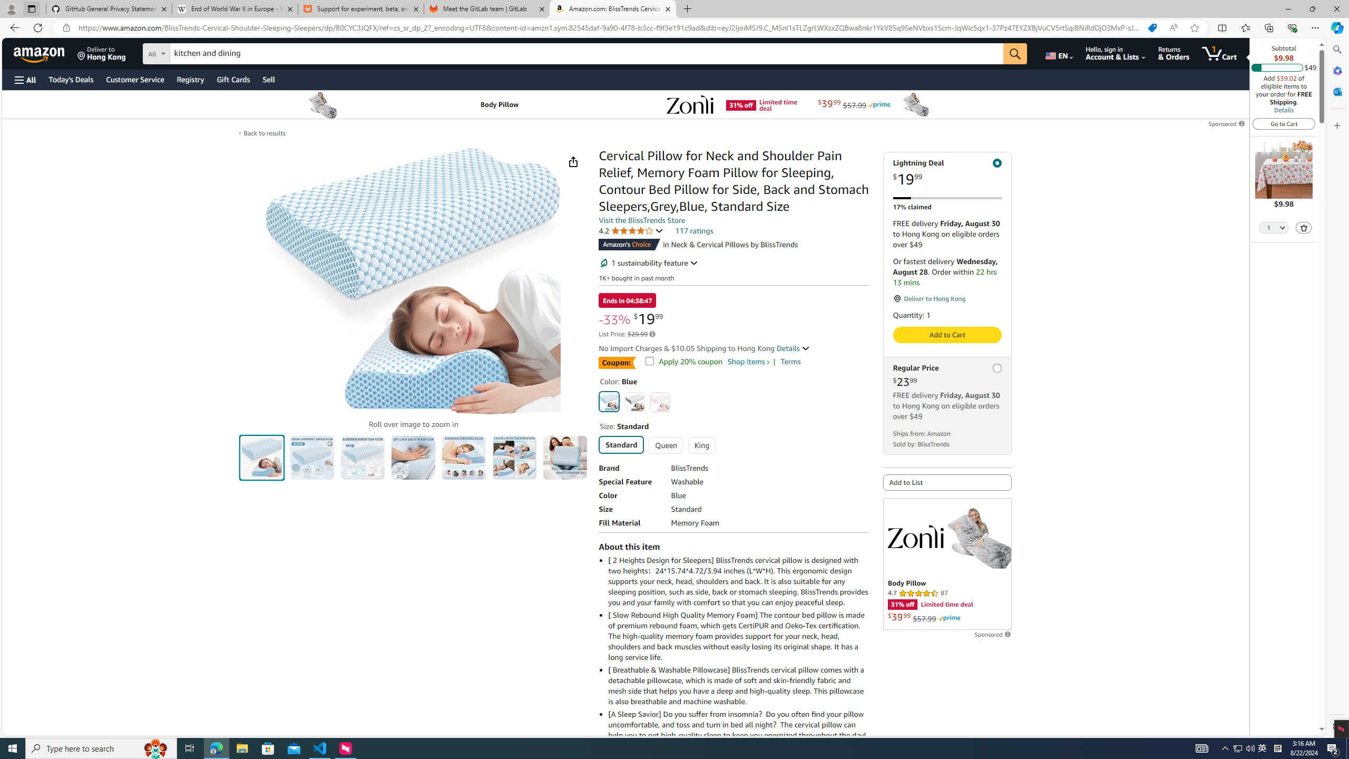  Describe the element at coordinates (610, 401) in the screenshot. I see `'Blue'` at that location.